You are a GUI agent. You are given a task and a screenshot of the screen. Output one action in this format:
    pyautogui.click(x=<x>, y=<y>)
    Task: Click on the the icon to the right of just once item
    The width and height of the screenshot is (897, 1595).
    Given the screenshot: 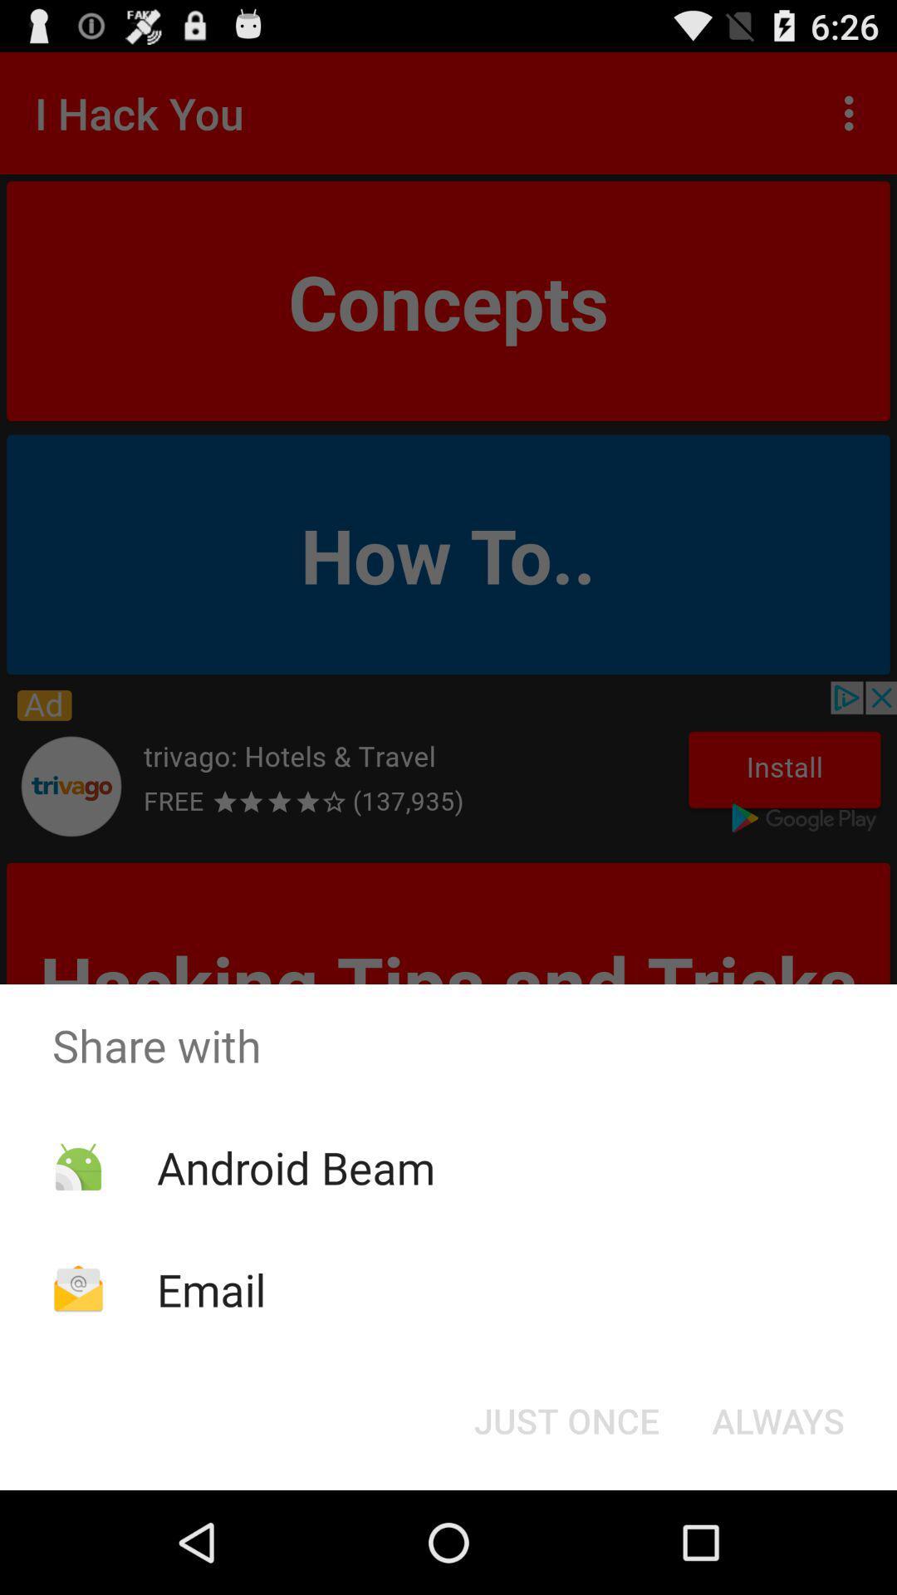 What is the action you would take?
    pyautogui.click(x=778, y=1419)
    